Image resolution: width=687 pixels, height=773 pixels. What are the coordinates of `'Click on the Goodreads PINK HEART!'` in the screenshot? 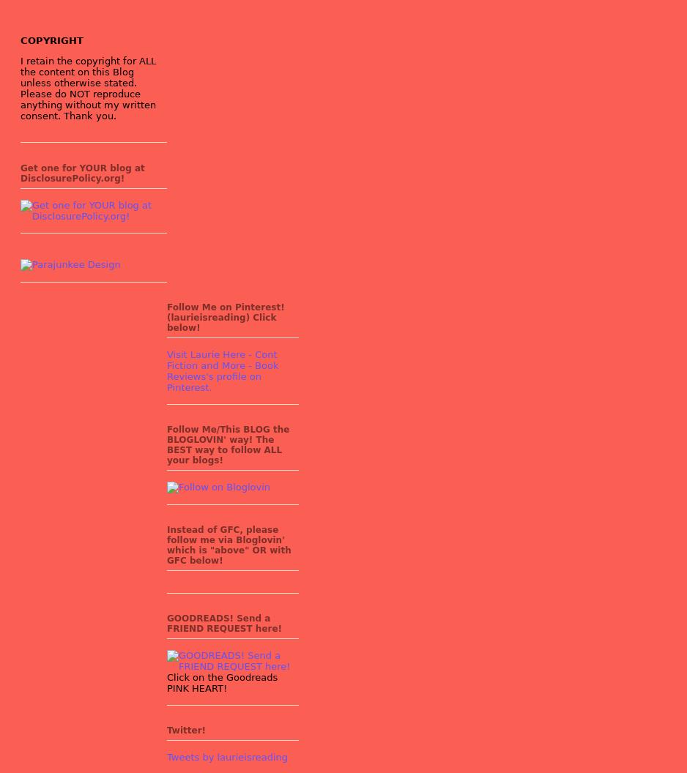 It's located at (221, 682).